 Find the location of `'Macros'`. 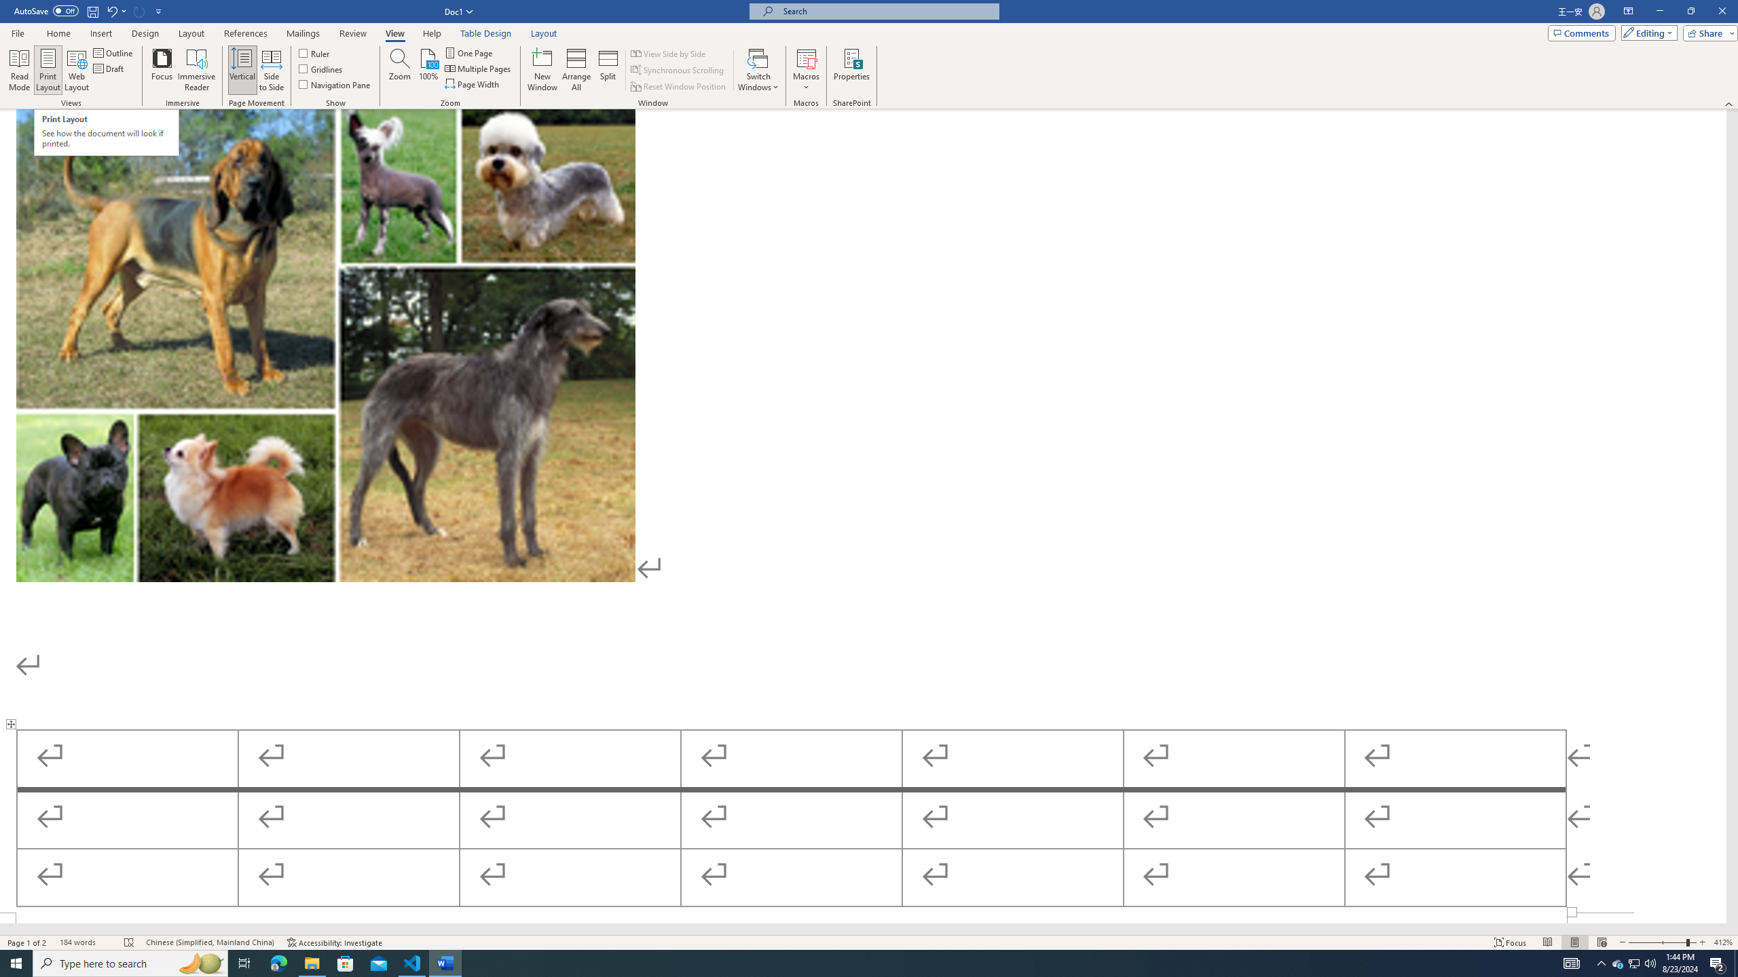

'Macros' is located at coordinates (805, 70).